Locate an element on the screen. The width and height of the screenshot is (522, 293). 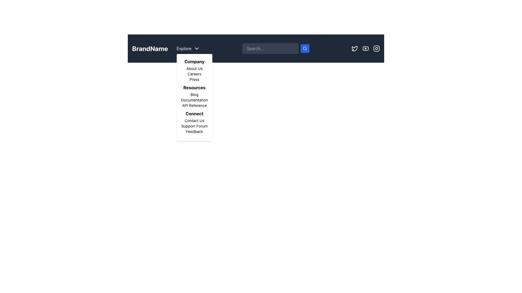
the YouTube icon, which is the second item in the row of social media icons in the top-right corner of the navigation bar is located at coordinates (365, 48).